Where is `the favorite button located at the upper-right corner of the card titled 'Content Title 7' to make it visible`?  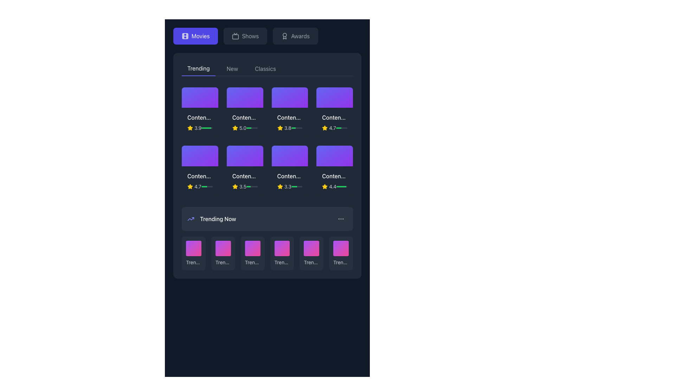
the favorite button located at the upper-right corner of the card titled 'Content Title 7' to make it visible is located at coordinates (301, 152).